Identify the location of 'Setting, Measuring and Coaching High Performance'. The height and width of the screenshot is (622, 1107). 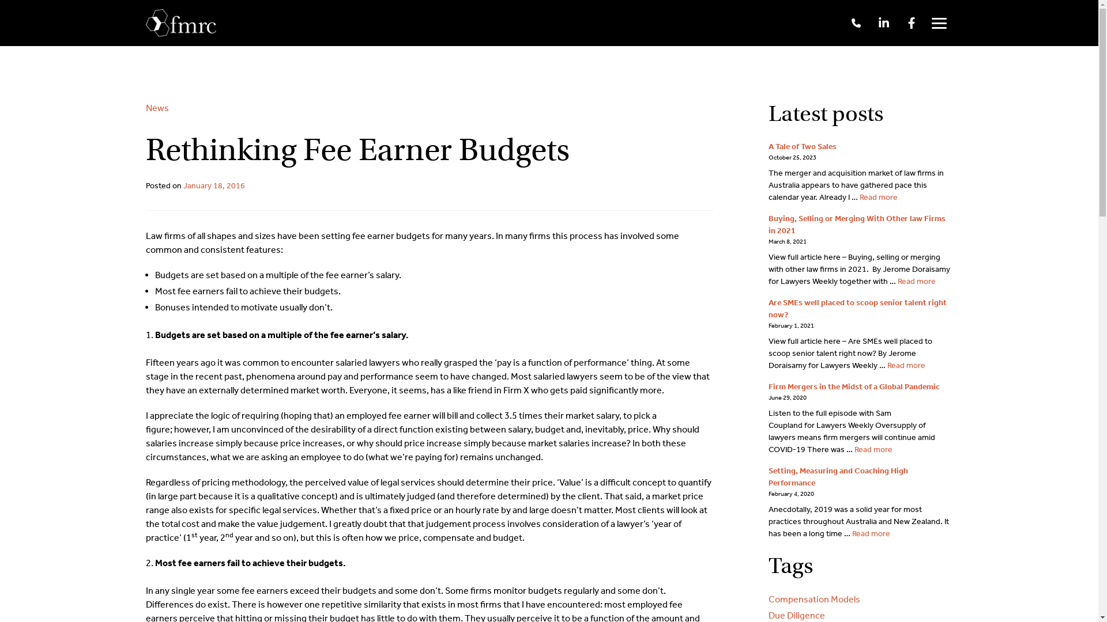
(838, 477).